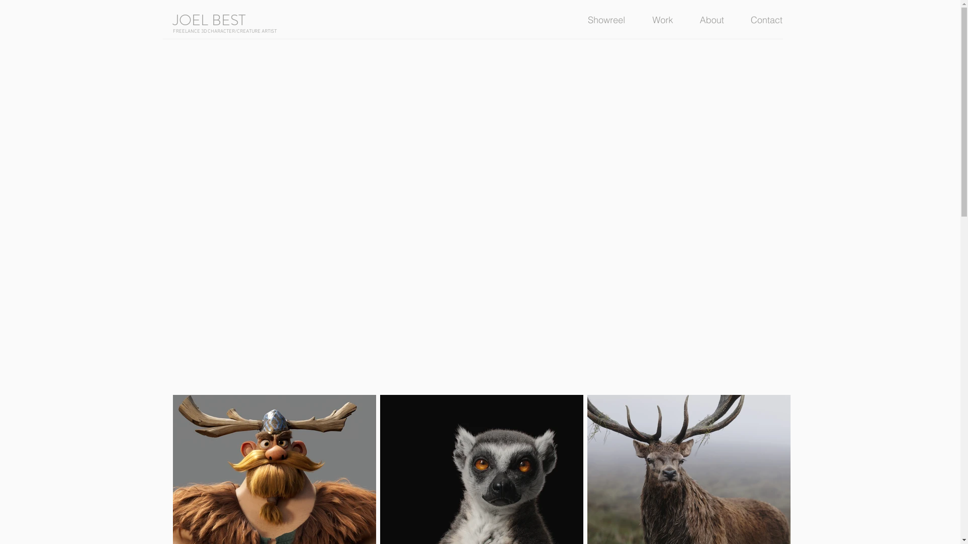  Describe the element at coordinates (208, 20) in the screenshot. I see `'JOEL BEST'` at that location.